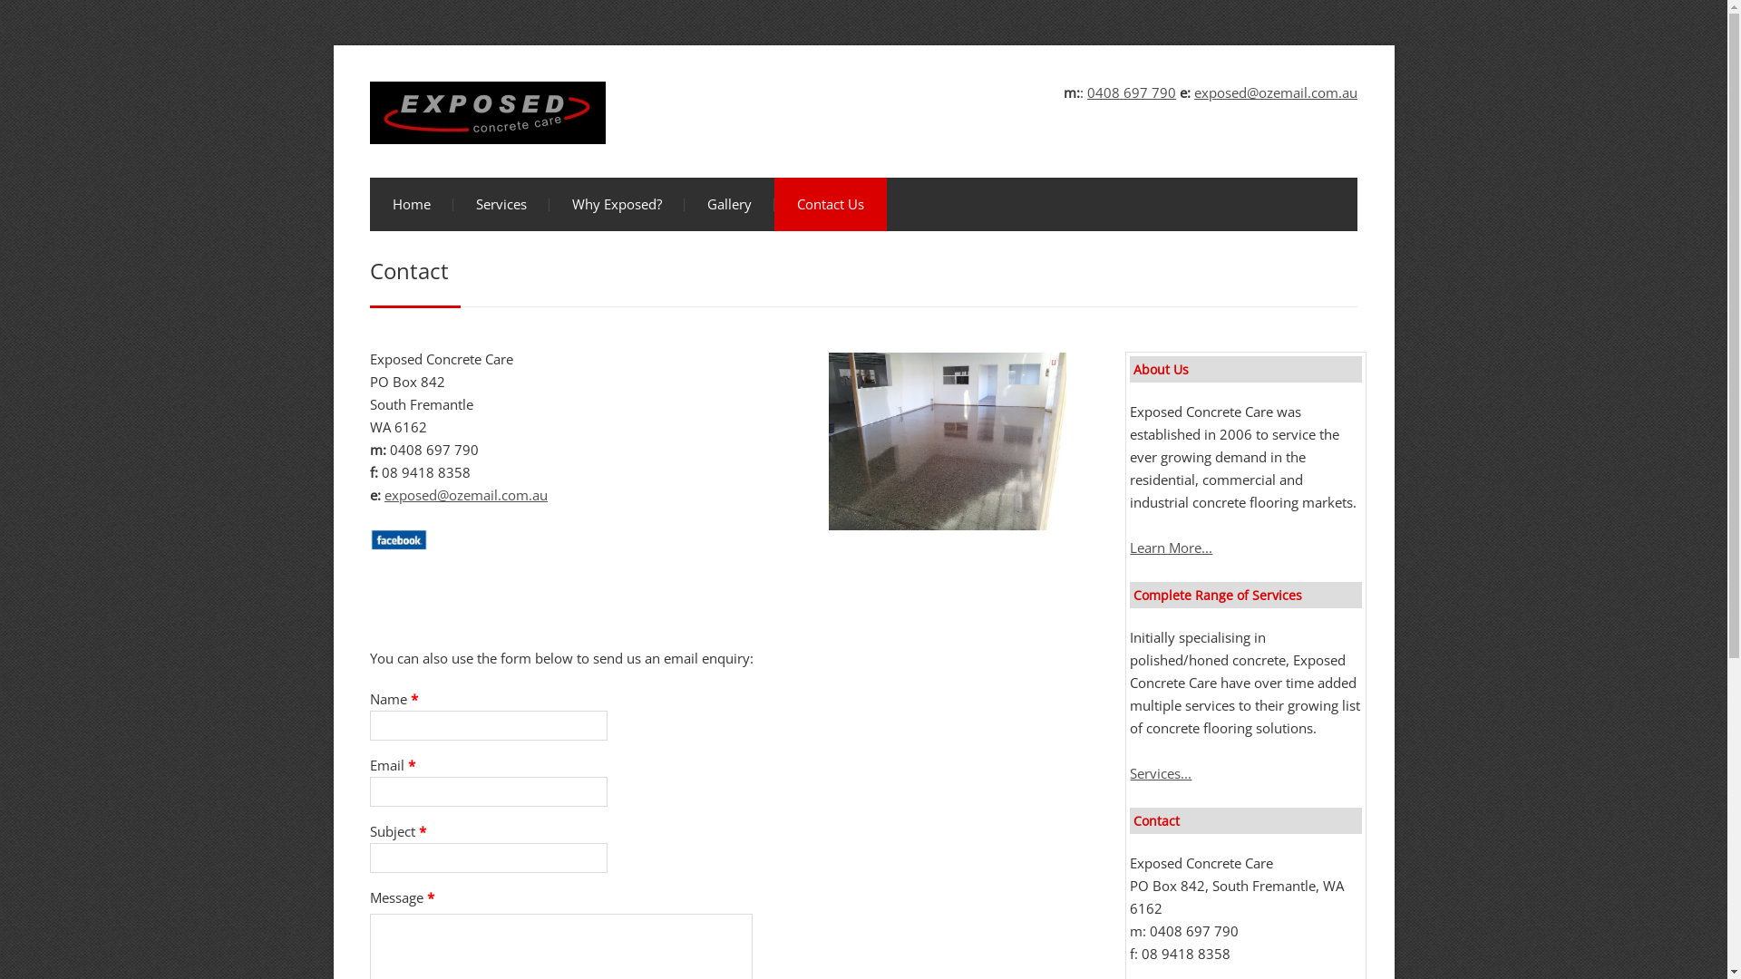  What do you see at coordinates (830, 204) in the screenshot?
I see `'Contact Us'` at bounding box center [830, 204].